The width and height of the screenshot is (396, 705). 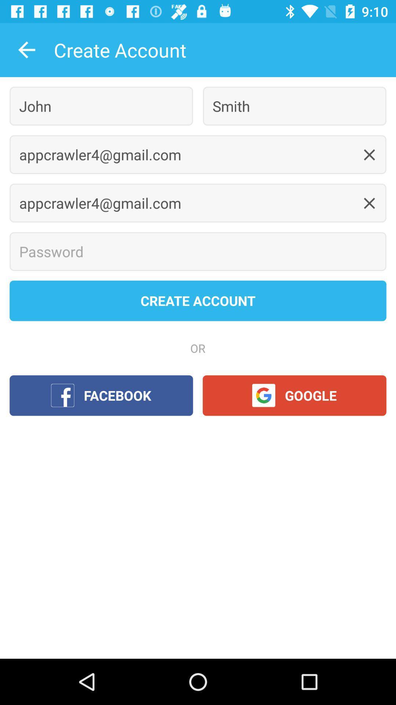 I want to click on the icon to the right of the john, so click(x=294, y=106).